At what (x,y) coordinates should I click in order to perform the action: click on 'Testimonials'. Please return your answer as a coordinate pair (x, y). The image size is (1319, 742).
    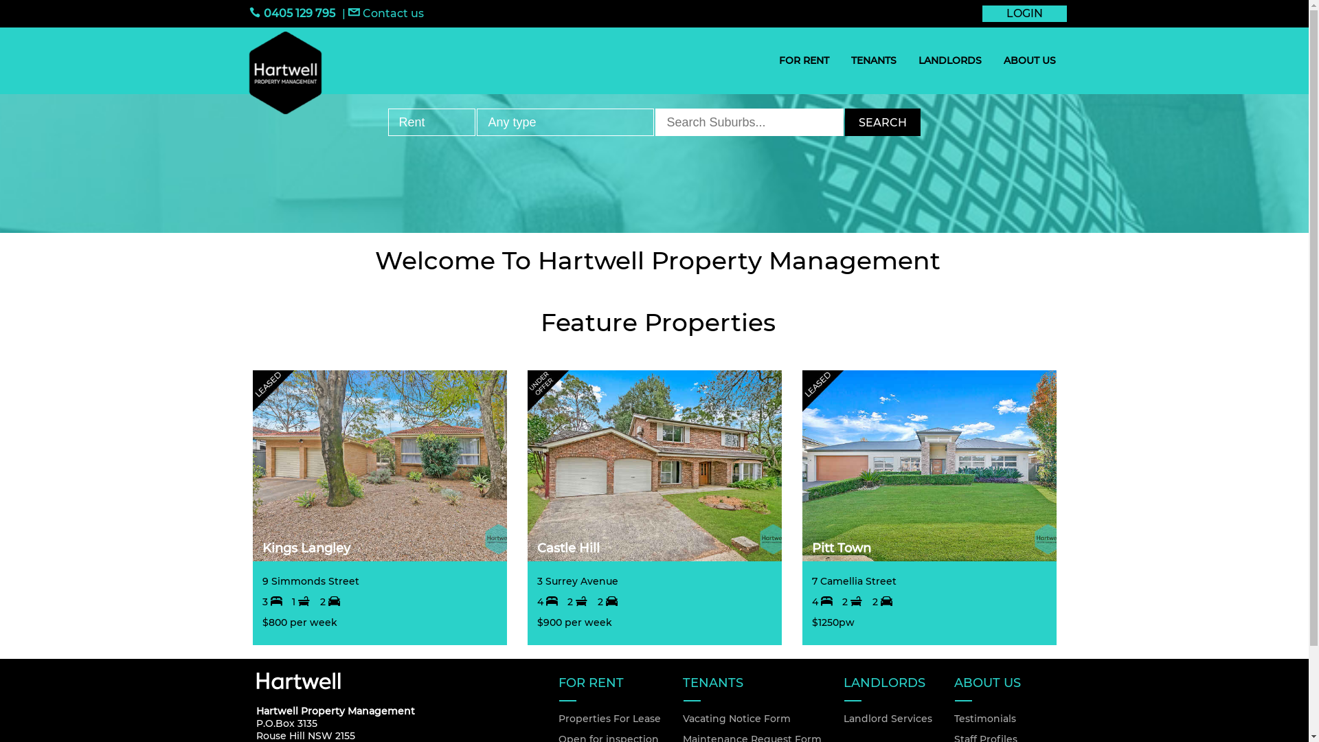
    Looking at the image, I should click on (942, 717).